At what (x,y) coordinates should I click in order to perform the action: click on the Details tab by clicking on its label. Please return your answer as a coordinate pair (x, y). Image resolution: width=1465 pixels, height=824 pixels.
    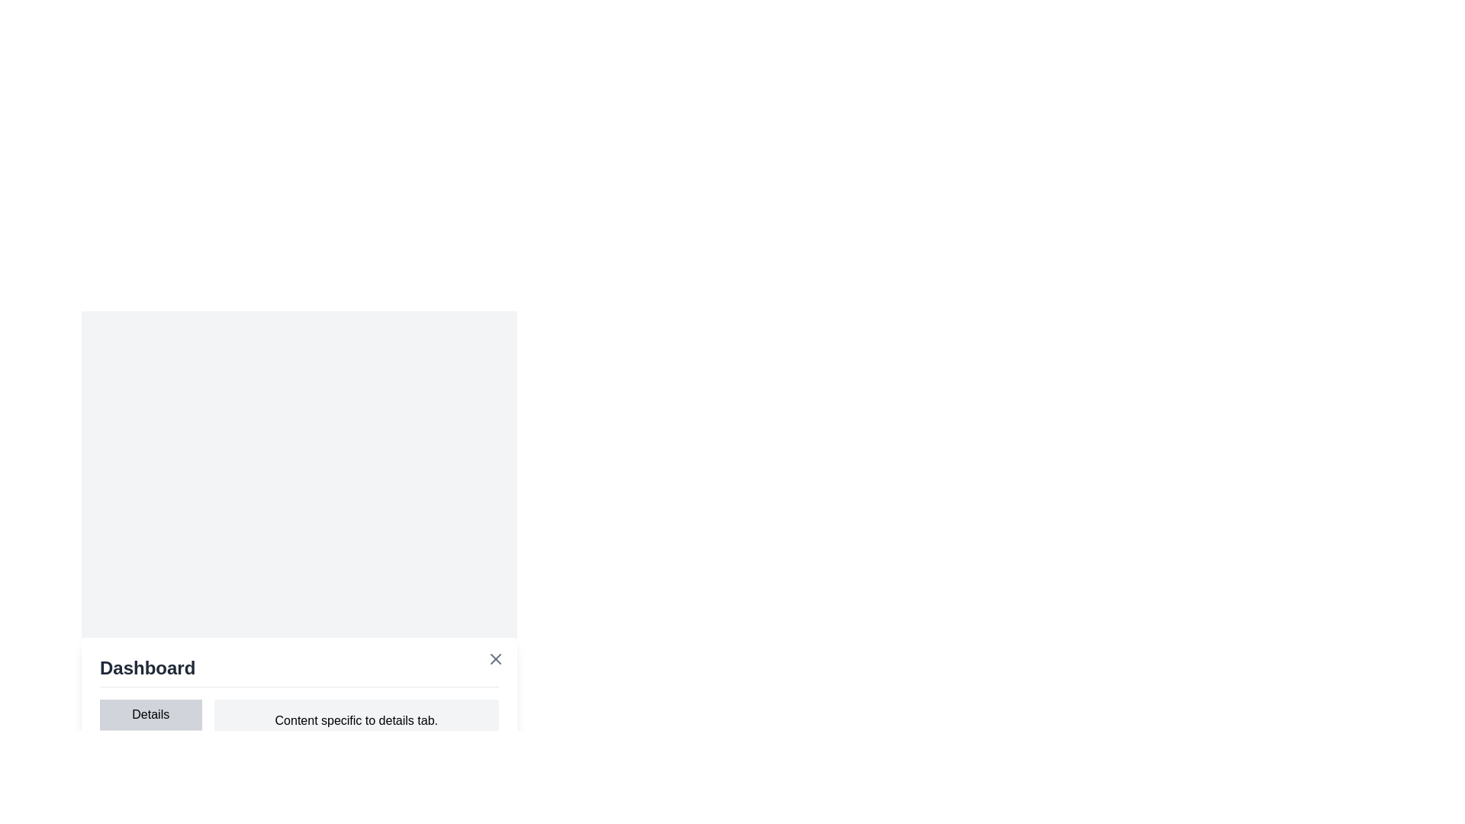
    Looking at the image, I should click on (150, 715).